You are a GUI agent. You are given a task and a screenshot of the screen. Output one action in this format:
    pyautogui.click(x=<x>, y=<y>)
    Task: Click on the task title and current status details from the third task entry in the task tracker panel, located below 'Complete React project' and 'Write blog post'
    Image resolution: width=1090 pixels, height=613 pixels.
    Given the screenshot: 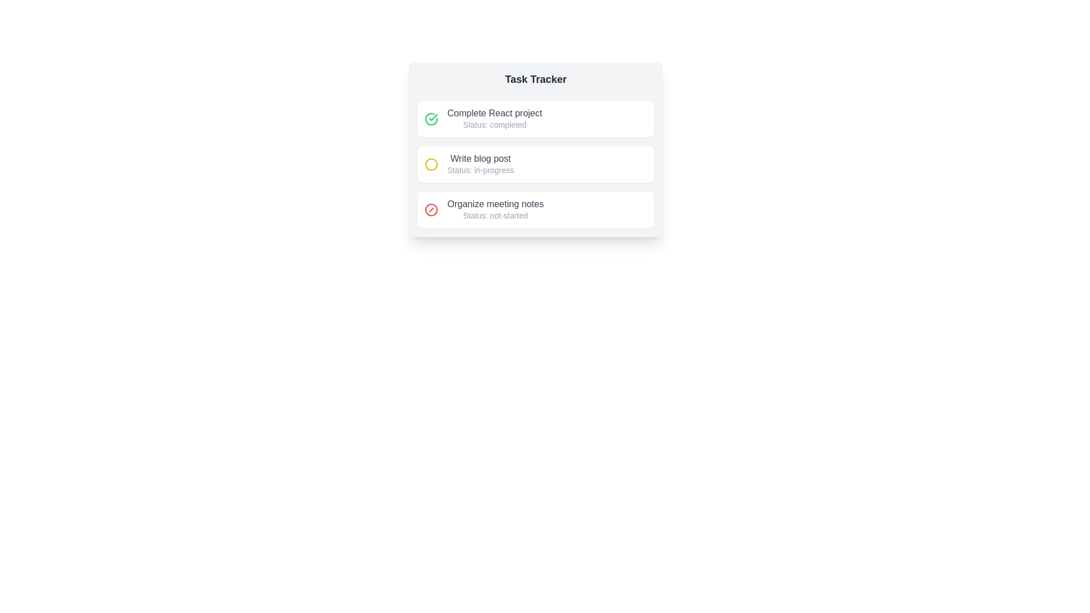 What is the action you would take?
    pyautogui.click(x=496, y=210)
    